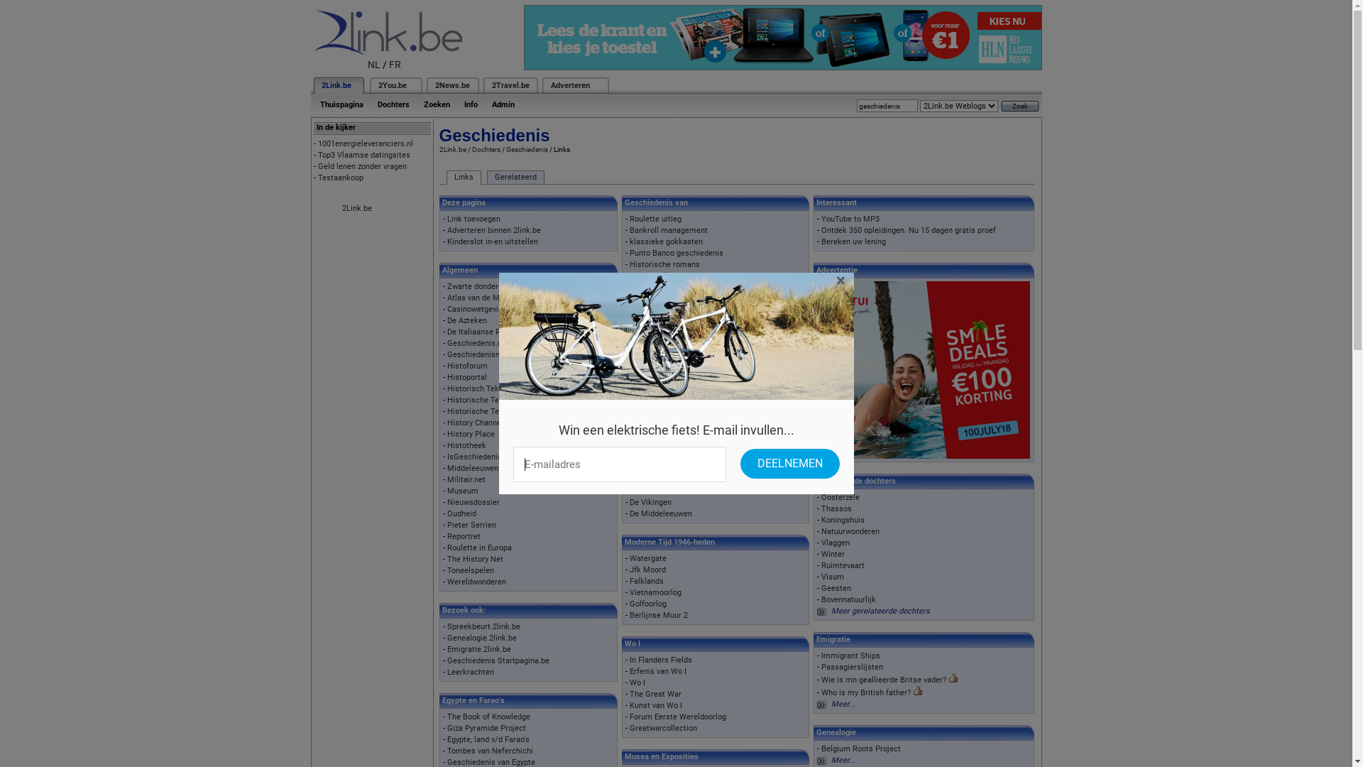 The height and width of the screenshot is (767, 1363). Describe the element at coordinates (647, 569) in the screenshot. I see `'Jfk Moord'` at that location.